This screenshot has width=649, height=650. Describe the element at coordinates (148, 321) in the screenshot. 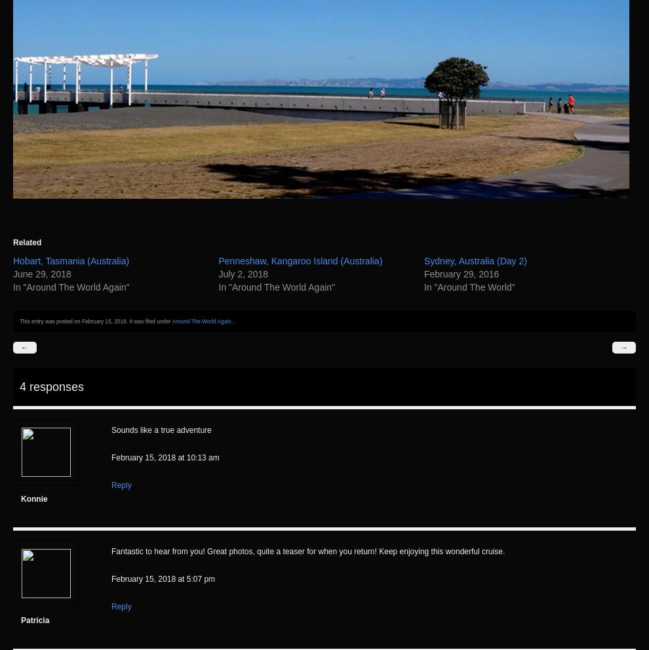

I see `'. It was filed under'` at that location.